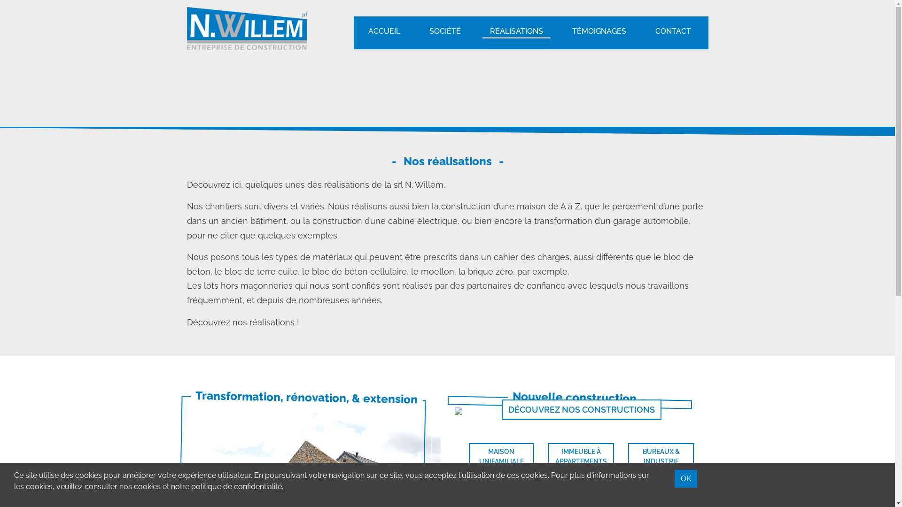 The width and height of the screenshot is (902, 507). Describe the element at coordinates (469, 456) in the screenshot. I see `'MAISON UNIFAMILIALE'` at that location.